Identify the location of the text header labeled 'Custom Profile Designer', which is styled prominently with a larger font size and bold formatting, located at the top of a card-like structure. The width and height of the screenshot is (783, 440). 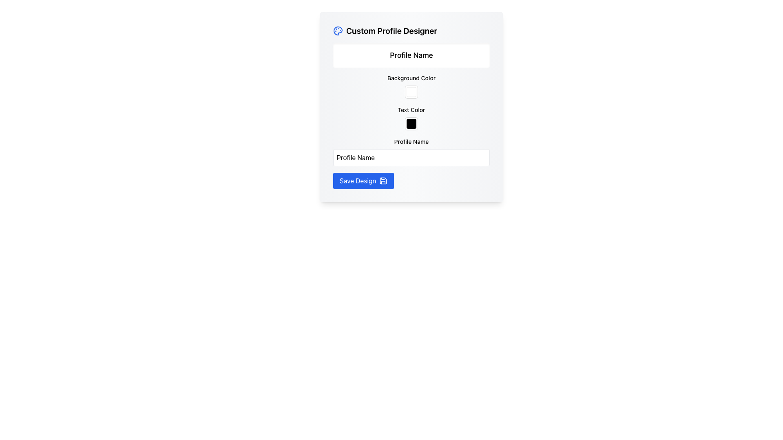
(411, 31).